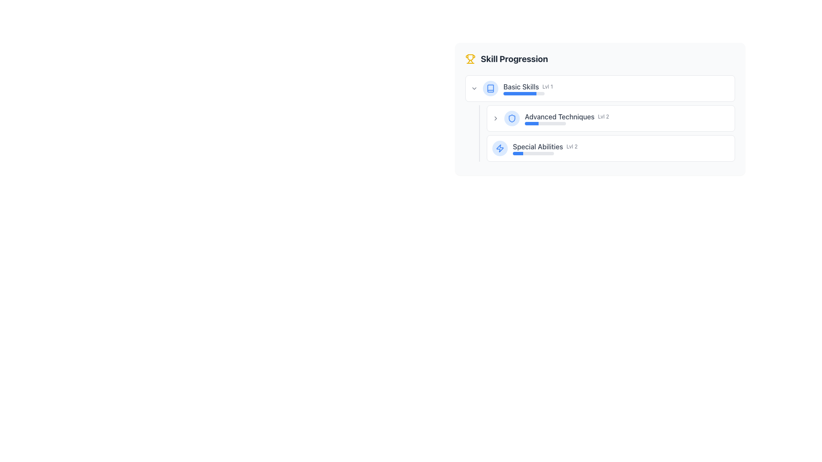  I want to click on the progress bar indicating 'Advanced Techniques Lvl 2', which features a light gray background with a blue progress segment, so click(545, 124).